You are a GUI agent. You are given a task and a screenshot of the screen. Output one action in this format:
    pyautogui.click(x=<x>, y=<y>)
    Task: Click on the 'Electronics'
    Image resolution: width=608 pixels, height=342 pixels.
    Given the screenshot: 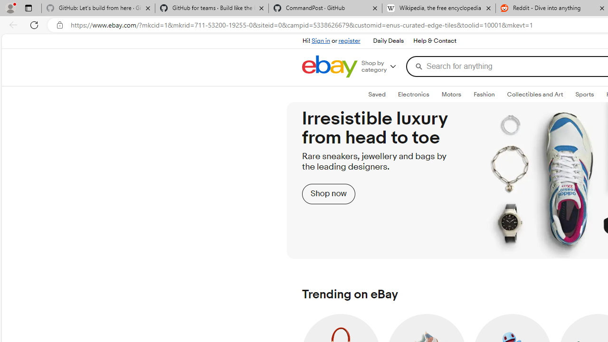 What is the action you would take?
    pyautogui.click(x=413, y=95)
    